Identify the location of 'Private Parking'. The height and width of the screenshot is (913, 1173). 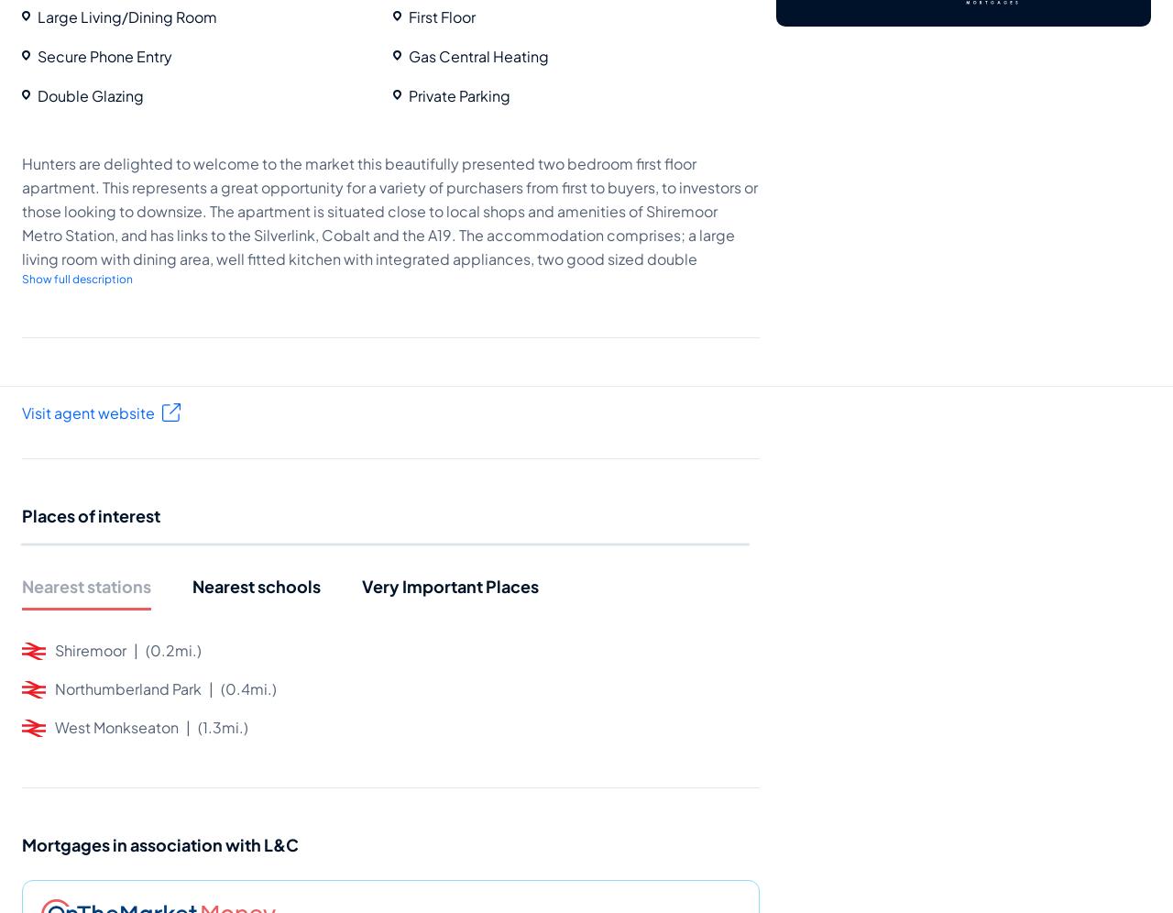
(458, 94).